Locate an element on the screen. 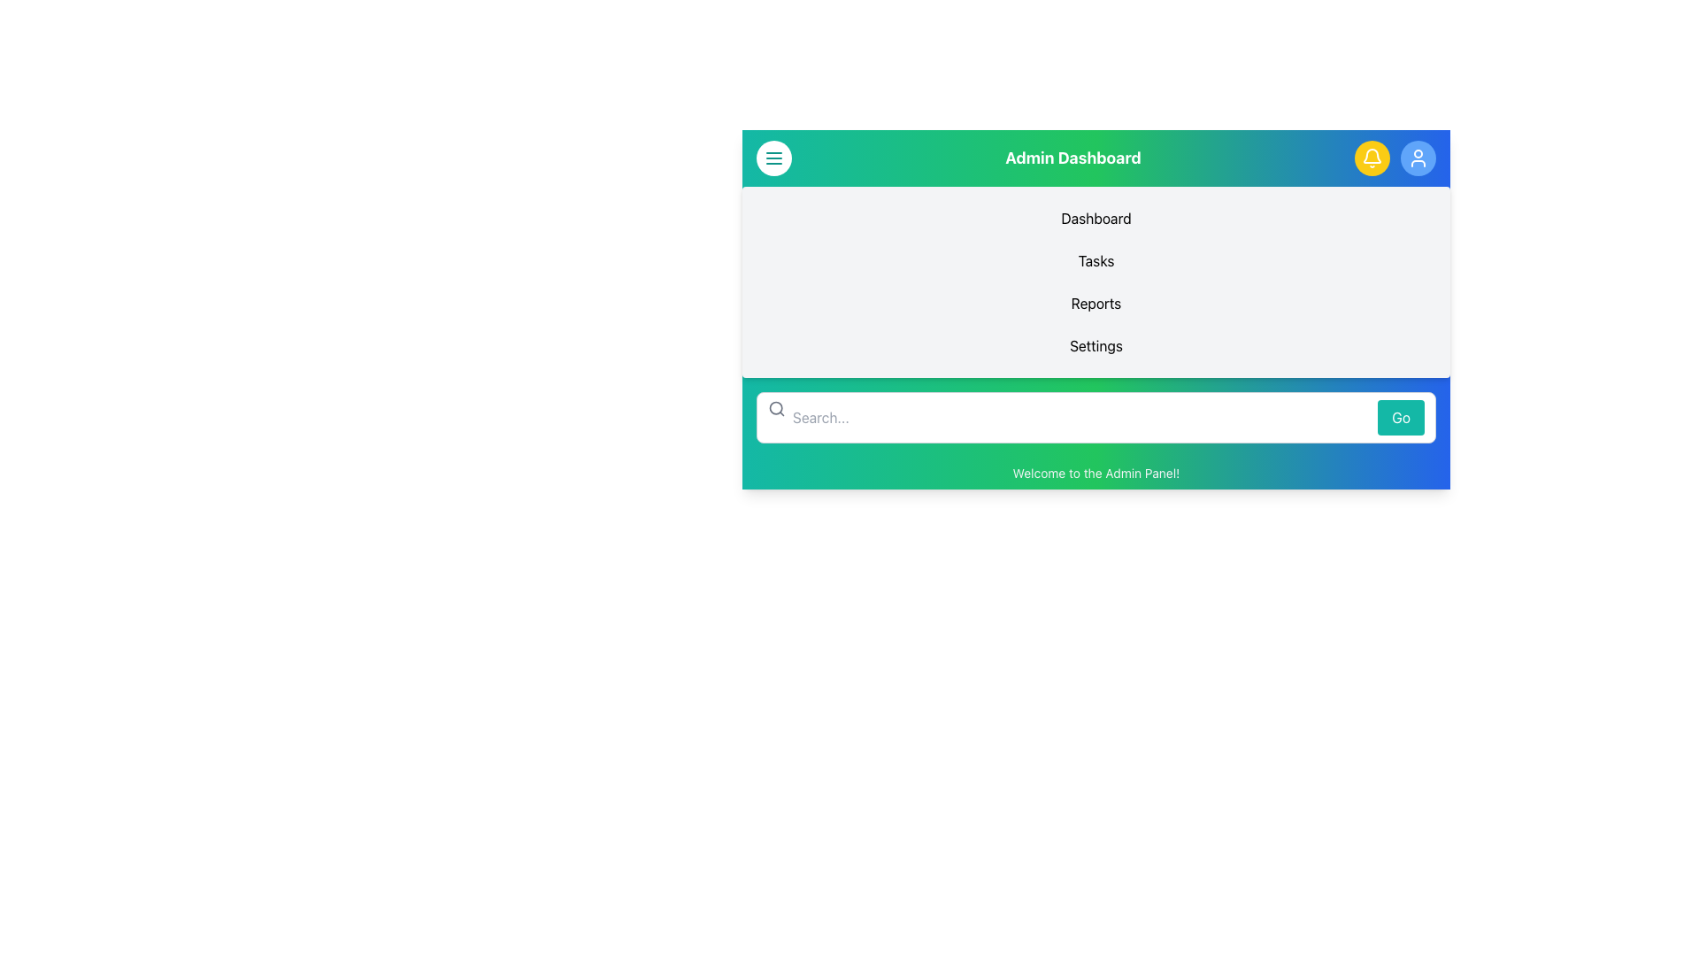  the third navigation item labeled 'Reports' in the Admin Dashboard menu is located at coordinates (1095, 303).